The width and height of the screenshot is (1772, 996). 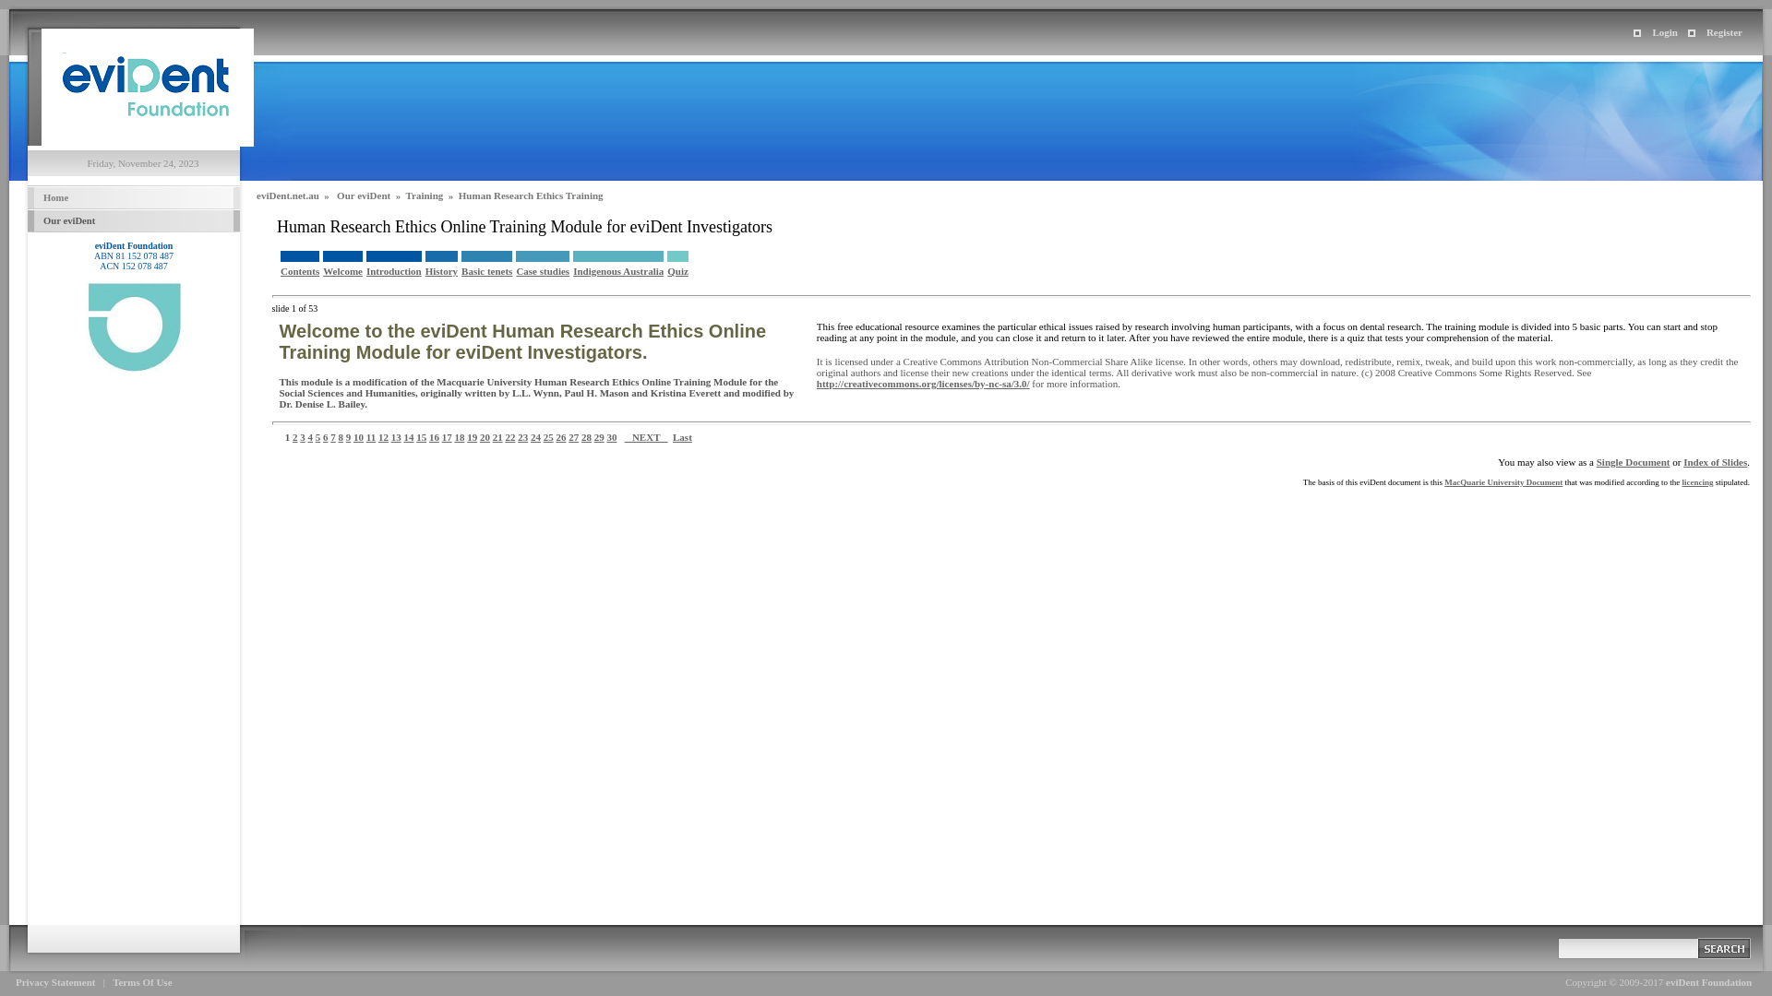 I want to click on ' ', so click(x=1725, y=949).